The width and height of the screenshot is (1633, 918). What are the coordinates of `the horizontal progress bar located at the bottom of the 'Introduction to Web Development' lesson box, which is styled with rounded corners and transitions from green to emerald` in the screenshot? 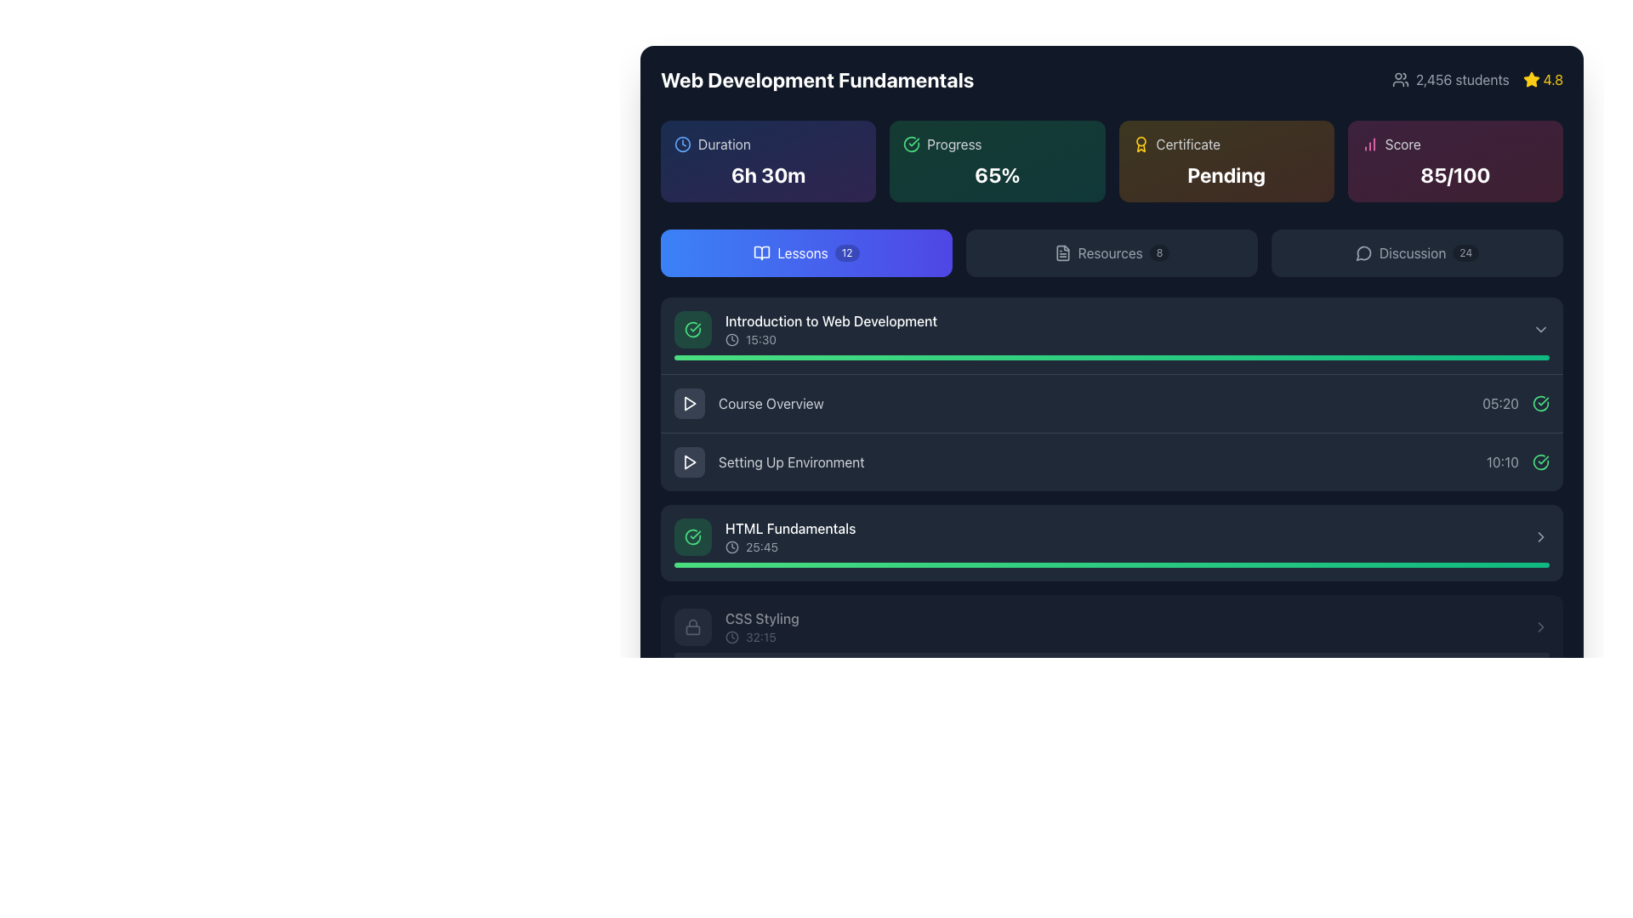 It's located at (1112, 356).